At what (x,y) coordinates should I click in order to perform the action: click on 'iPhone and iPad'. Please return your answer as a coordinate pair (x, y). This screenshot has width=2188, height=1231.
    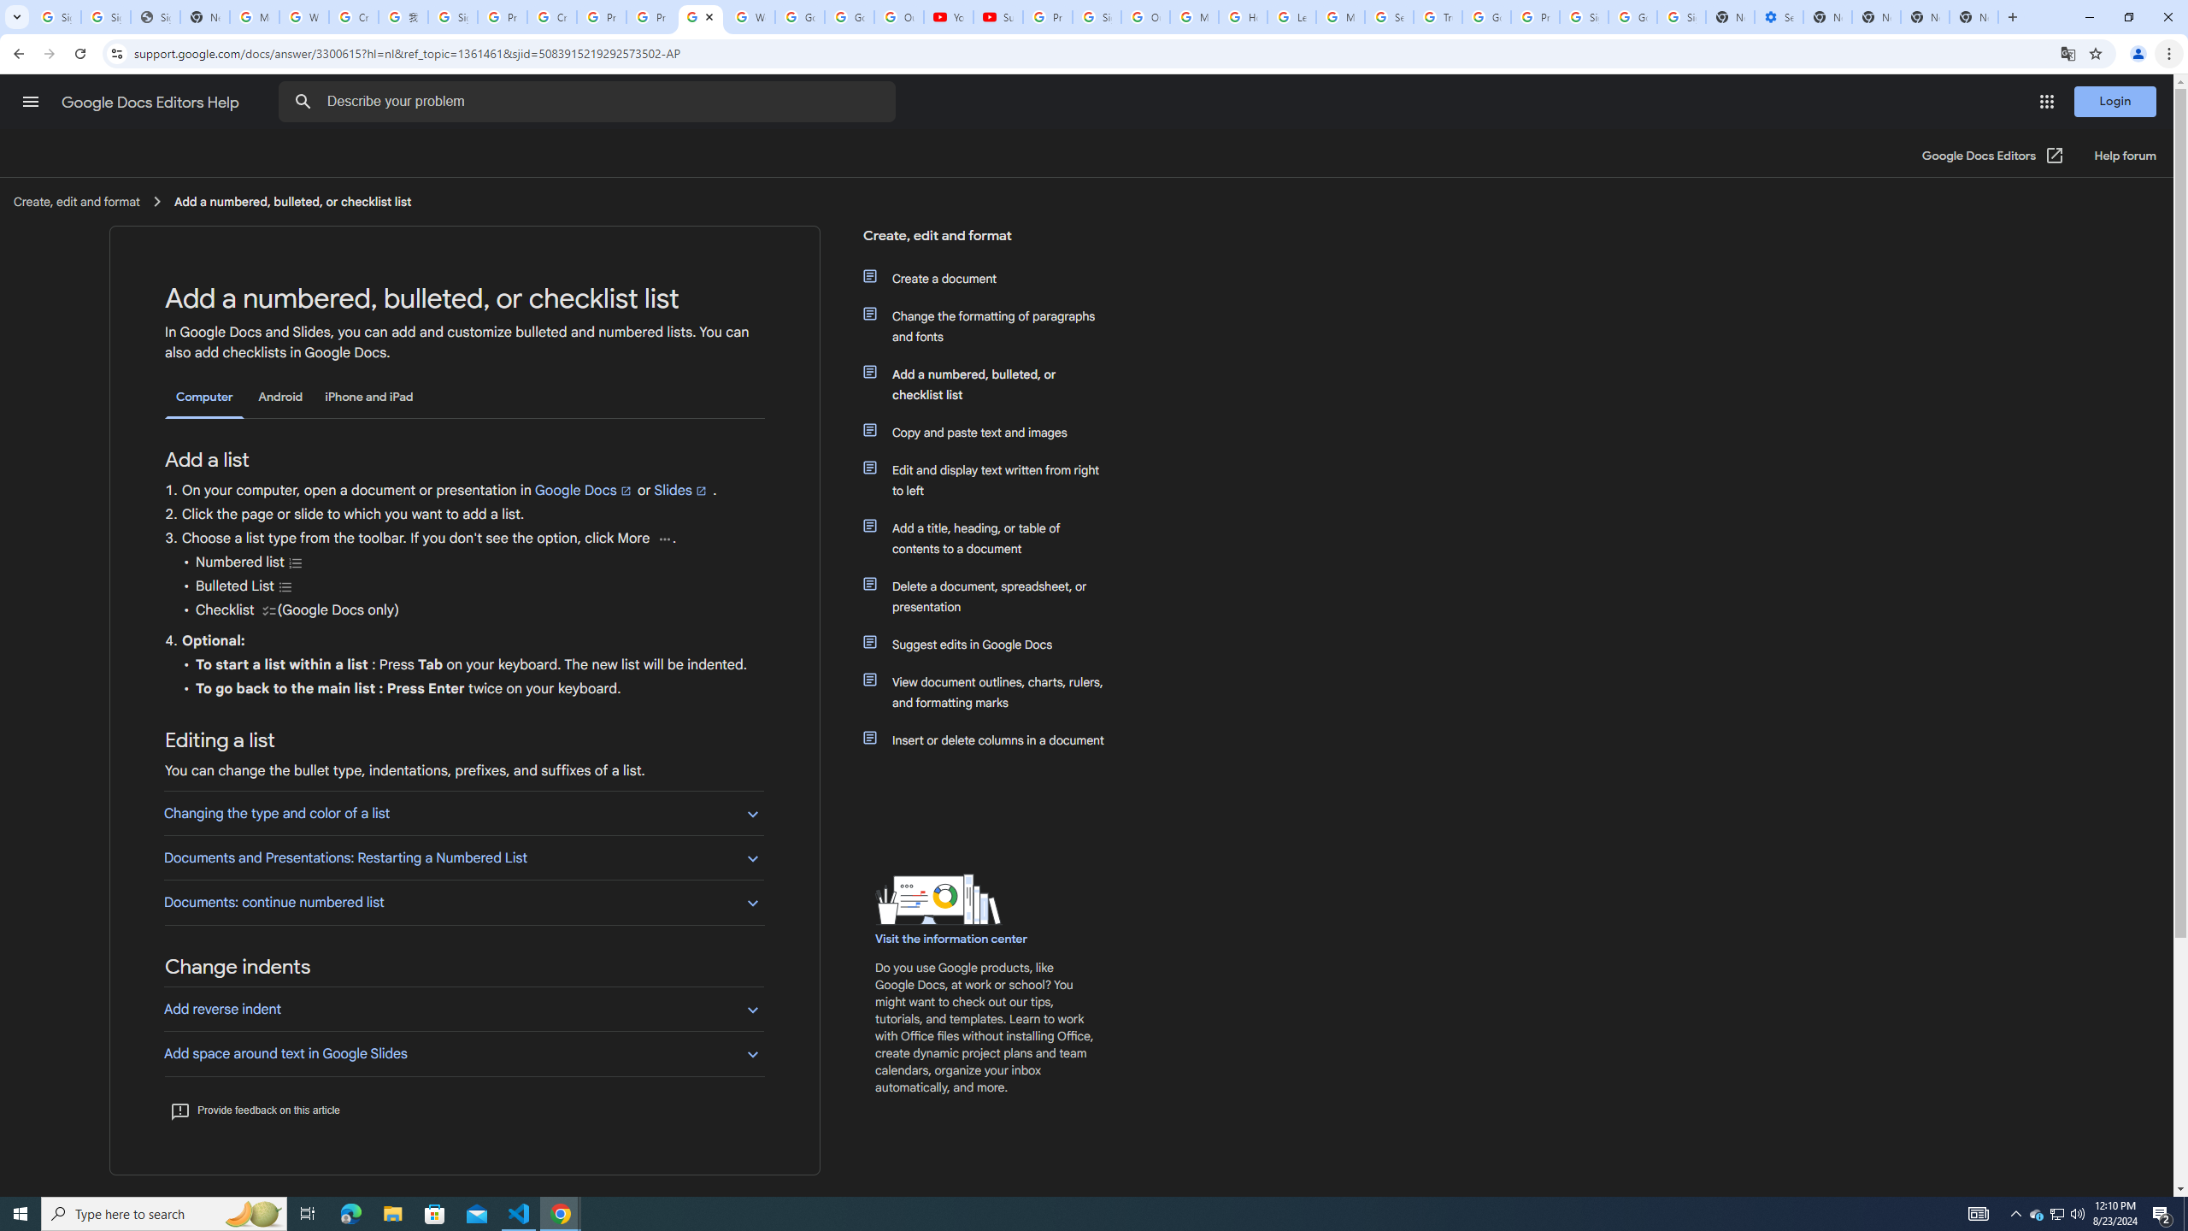
    Looking at the image, I should click on (368, 396).